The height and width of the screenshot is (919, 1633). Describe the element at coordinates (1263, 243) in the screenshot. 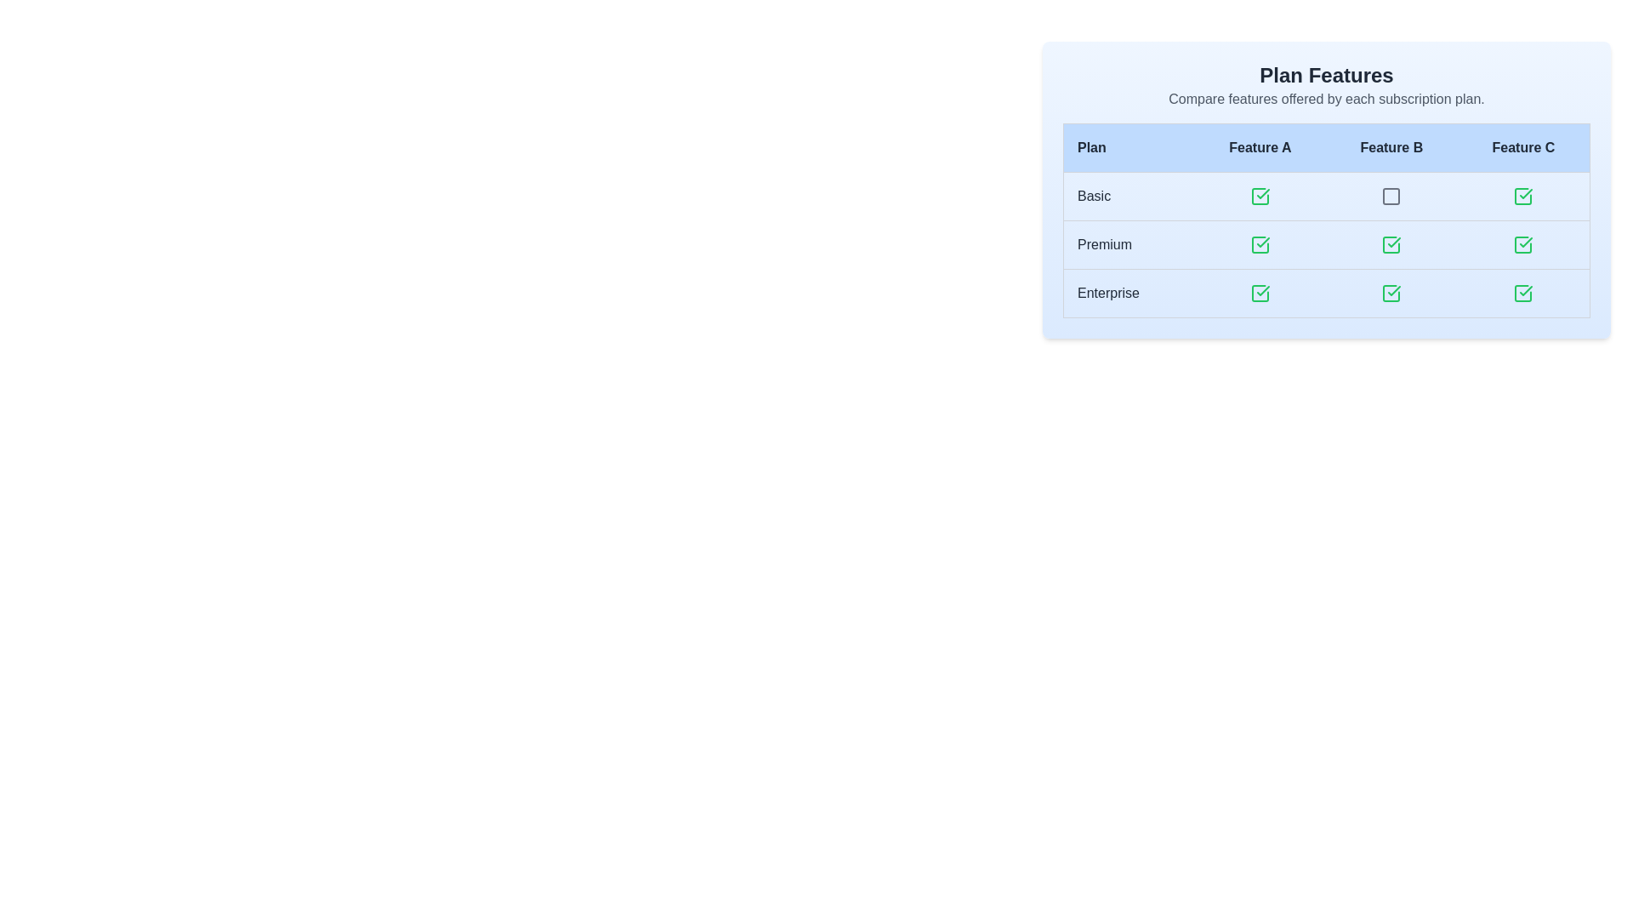

I see `the green checkmark SVG icon located in the 'Feature B' column of the 'Premium' row within the 'Plan Features' table` at that location.